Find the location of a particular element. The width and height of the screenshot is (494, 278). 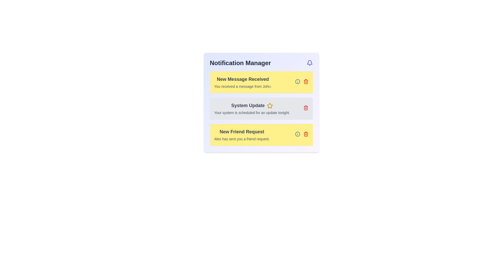

the star icon indicating the rating or favorite status next to the 'System Update' notification is located at coordinates (269, 106).